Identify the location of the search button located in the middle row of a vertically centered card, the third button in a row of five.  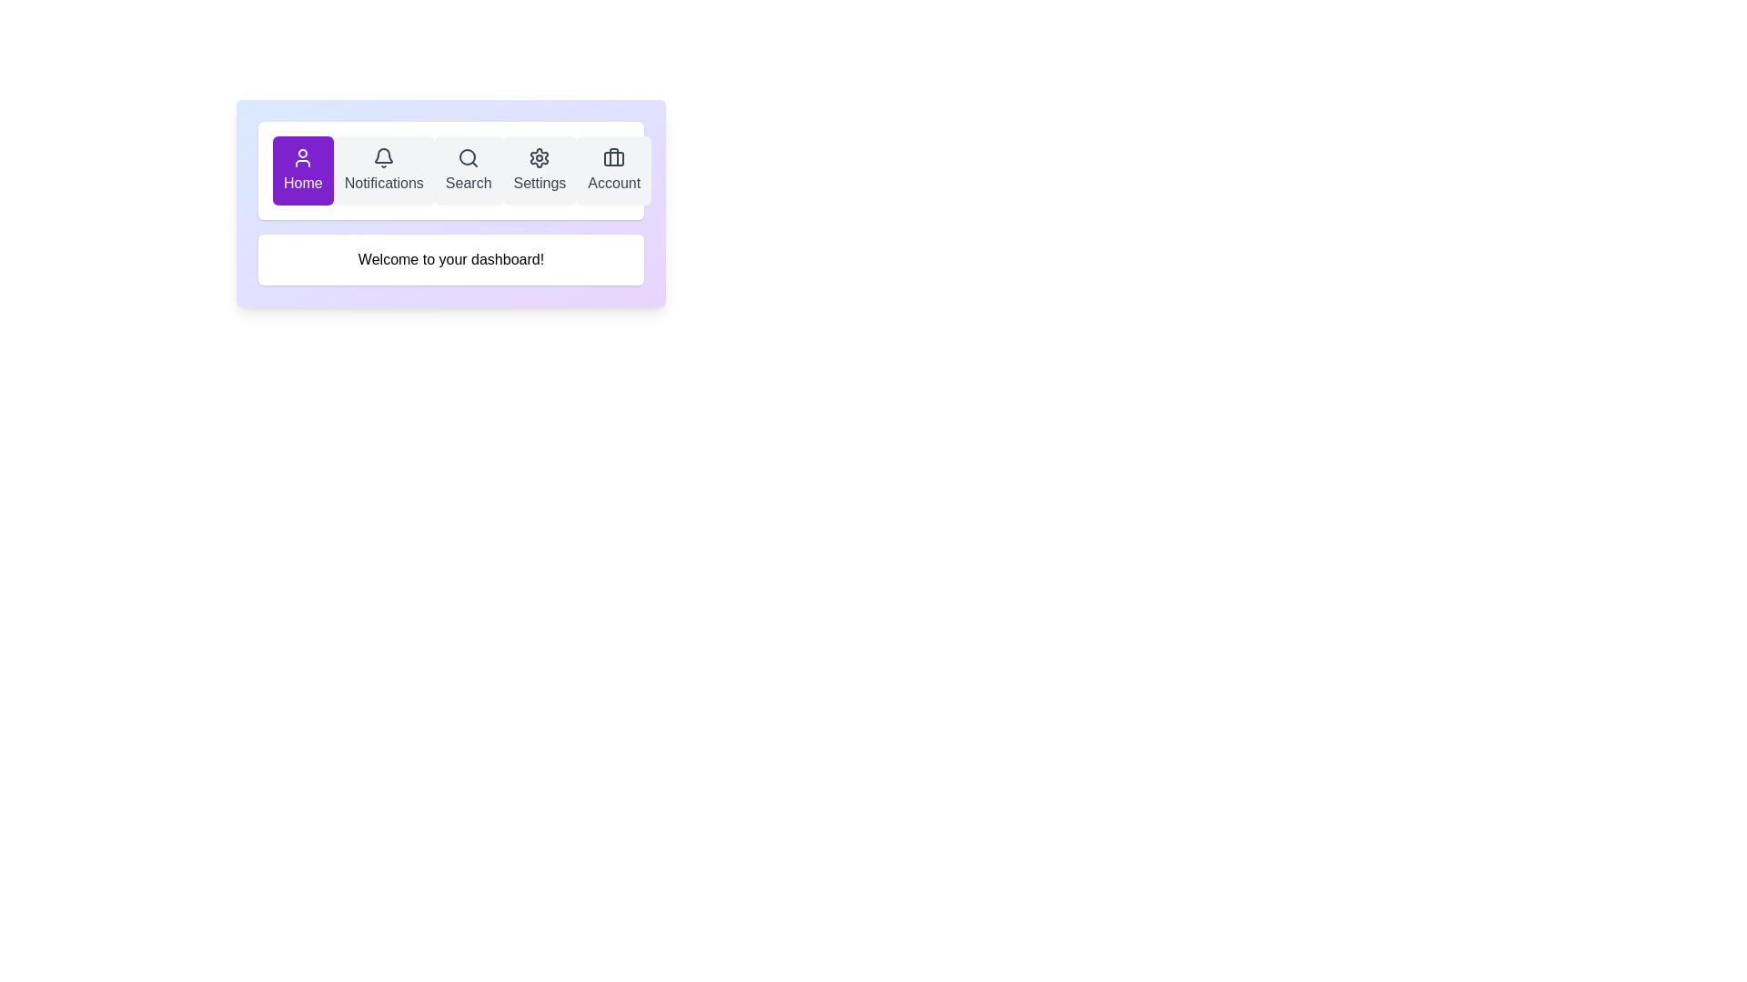
(450, 171).